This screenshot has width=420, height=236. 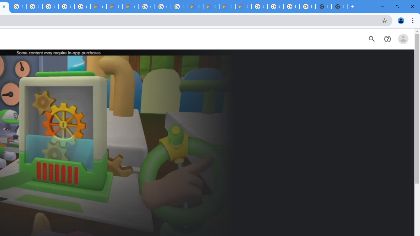 I want to click on 'Google Cloud Pricing Calculator', so click(x=227, y=7).